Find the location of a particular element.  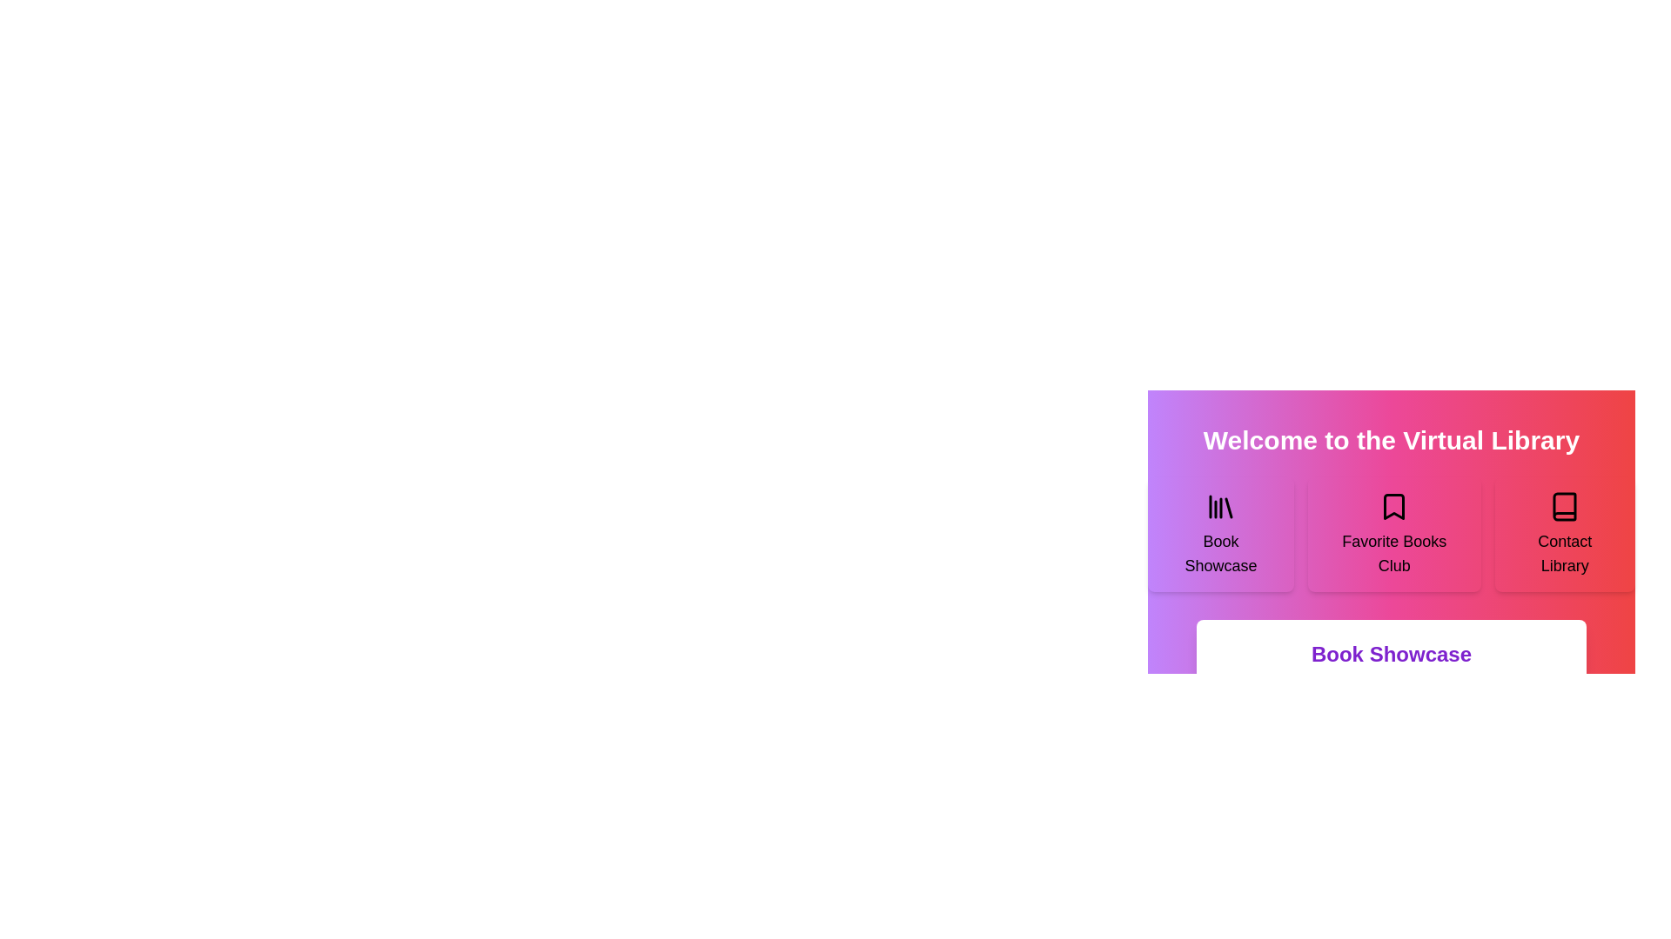

the section Contact Library to read its description is located at coordinates (1565, 533).